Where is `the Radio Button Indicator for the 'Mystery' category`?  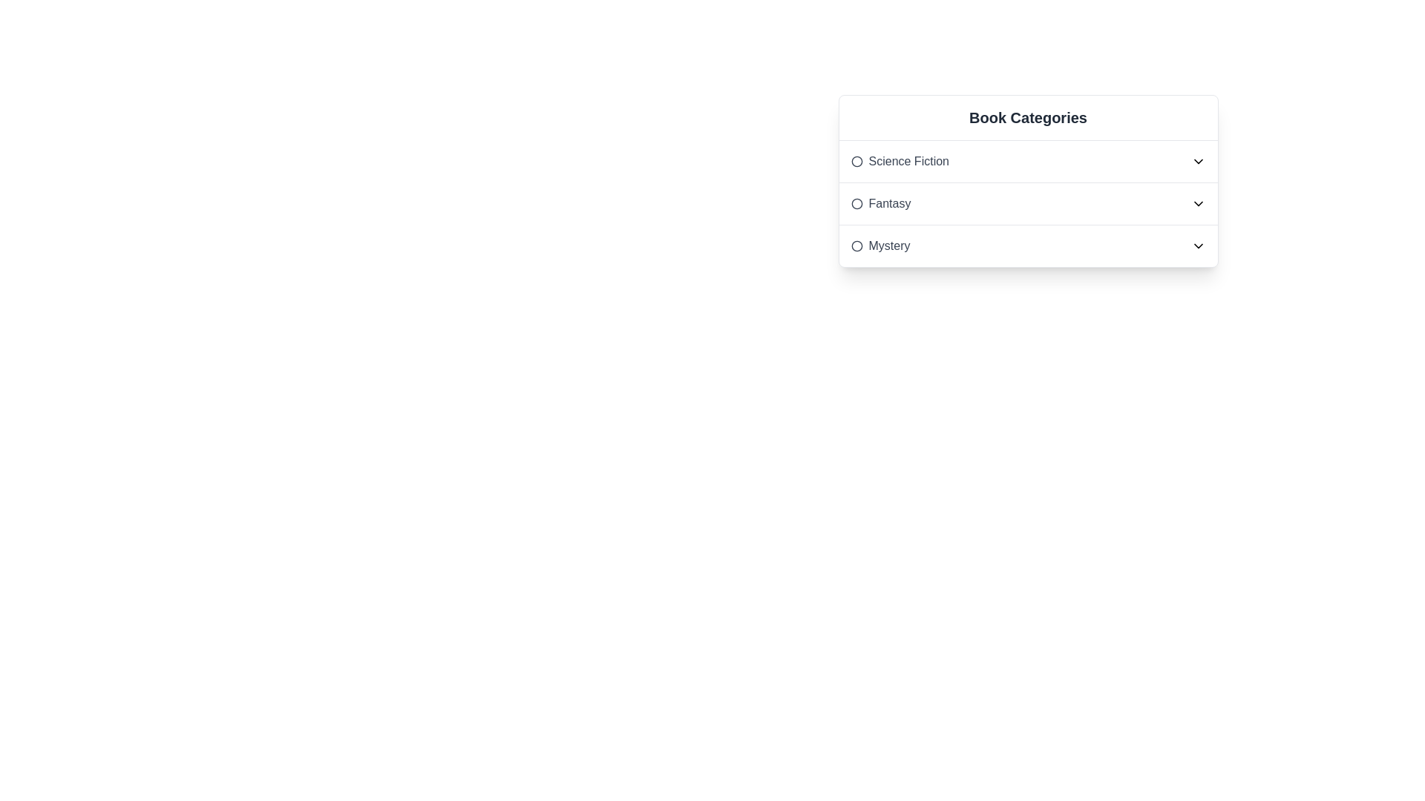 the Radio Button Indicator for the 'Mystery' category is located at coordinates (856, 245).